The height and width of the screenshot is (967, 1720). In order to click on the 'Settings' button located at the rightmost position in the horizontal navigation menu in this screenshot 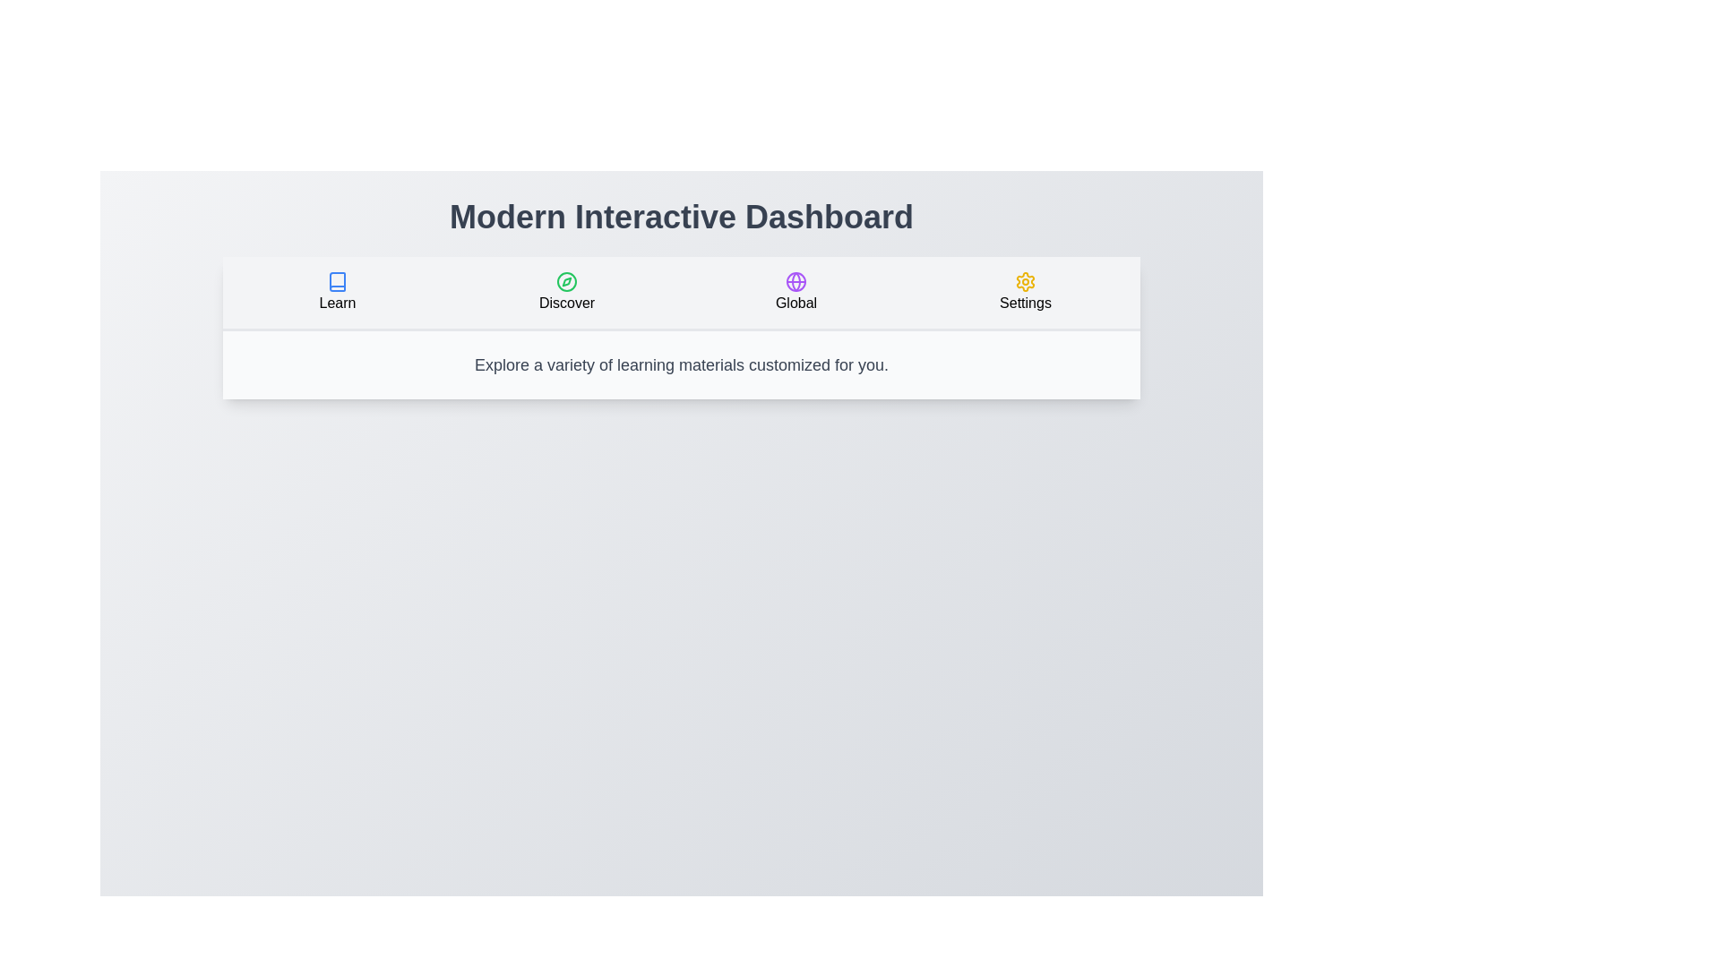, I will do `click(1026, 292)`.